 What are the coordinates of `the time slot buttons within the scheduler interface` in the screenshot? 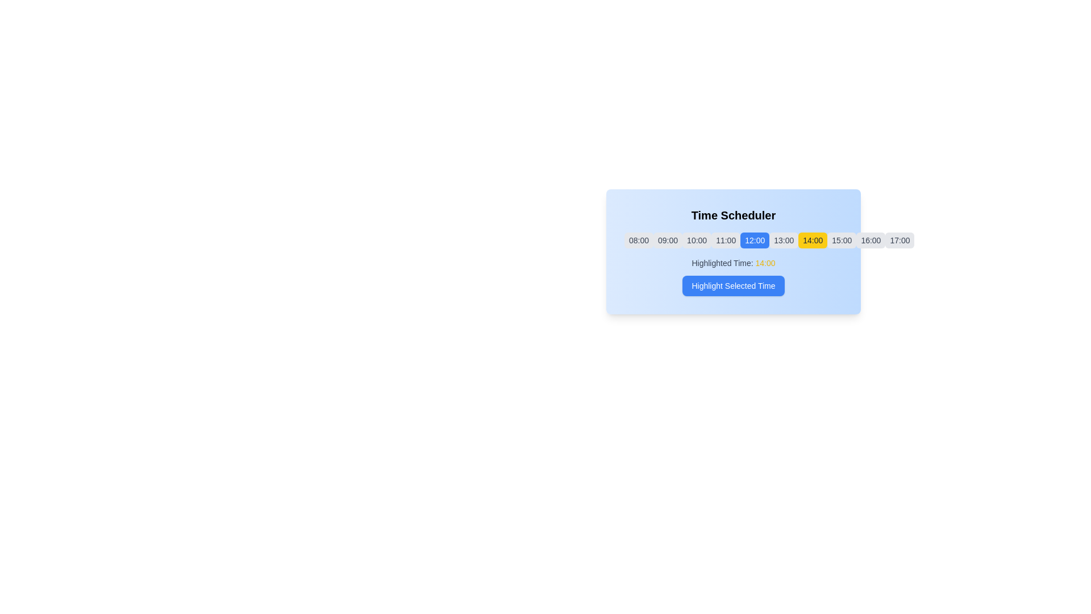 It's located at (734, 251).